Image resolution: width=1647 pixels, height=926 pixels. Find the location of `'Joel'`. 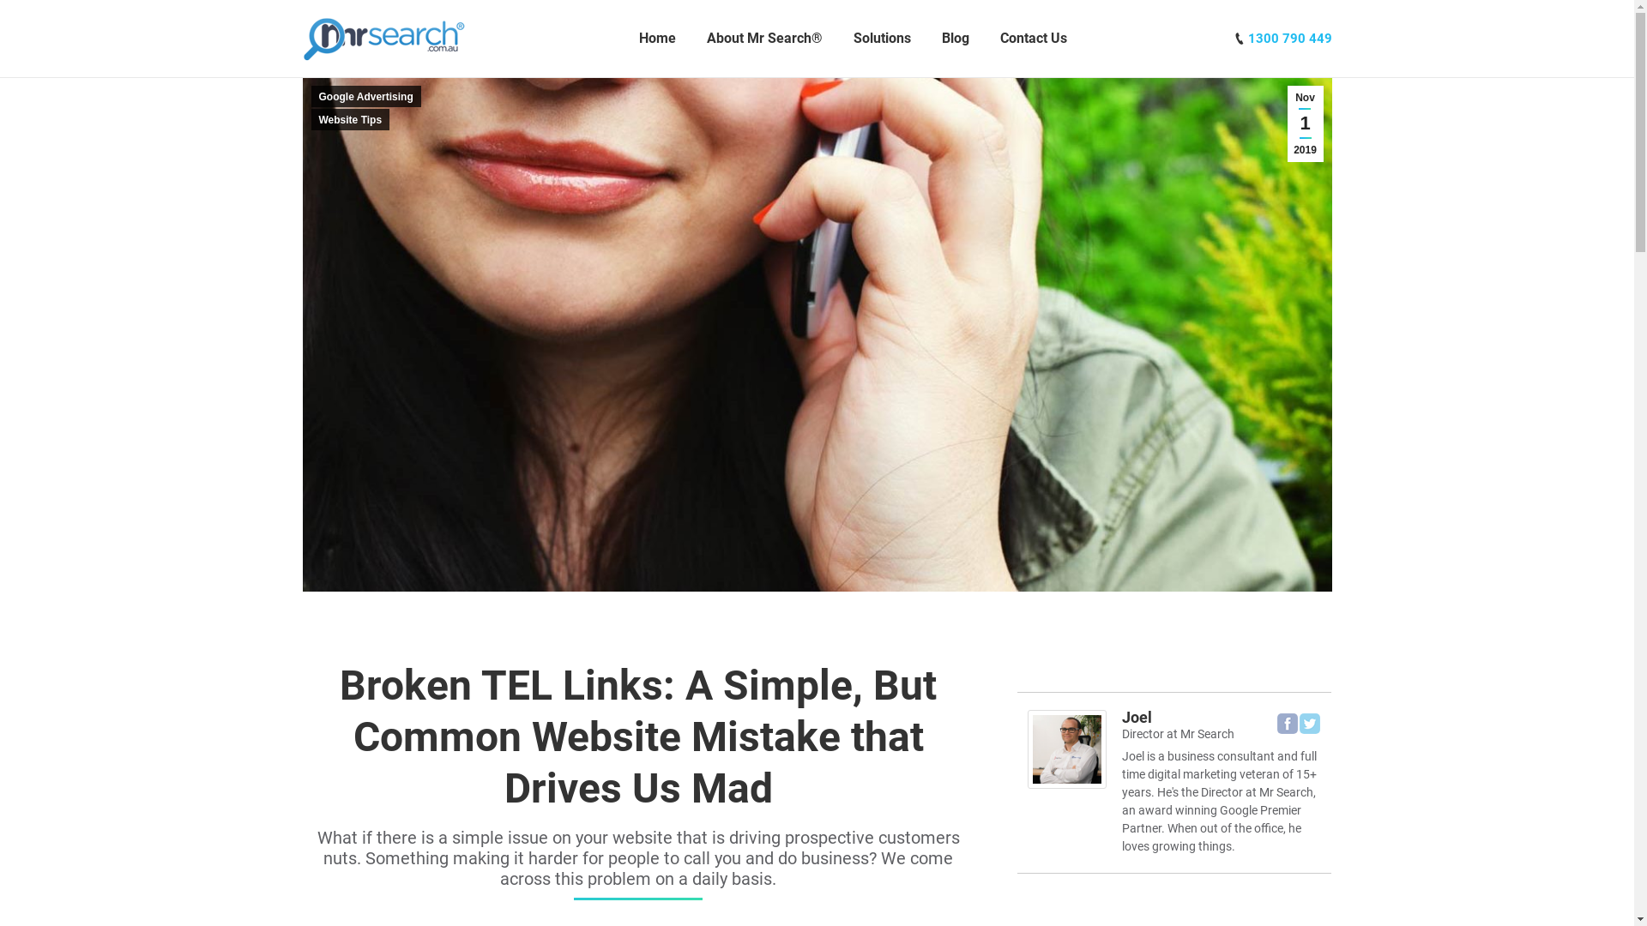

'Joel' is located at coordinates (1122, 717).